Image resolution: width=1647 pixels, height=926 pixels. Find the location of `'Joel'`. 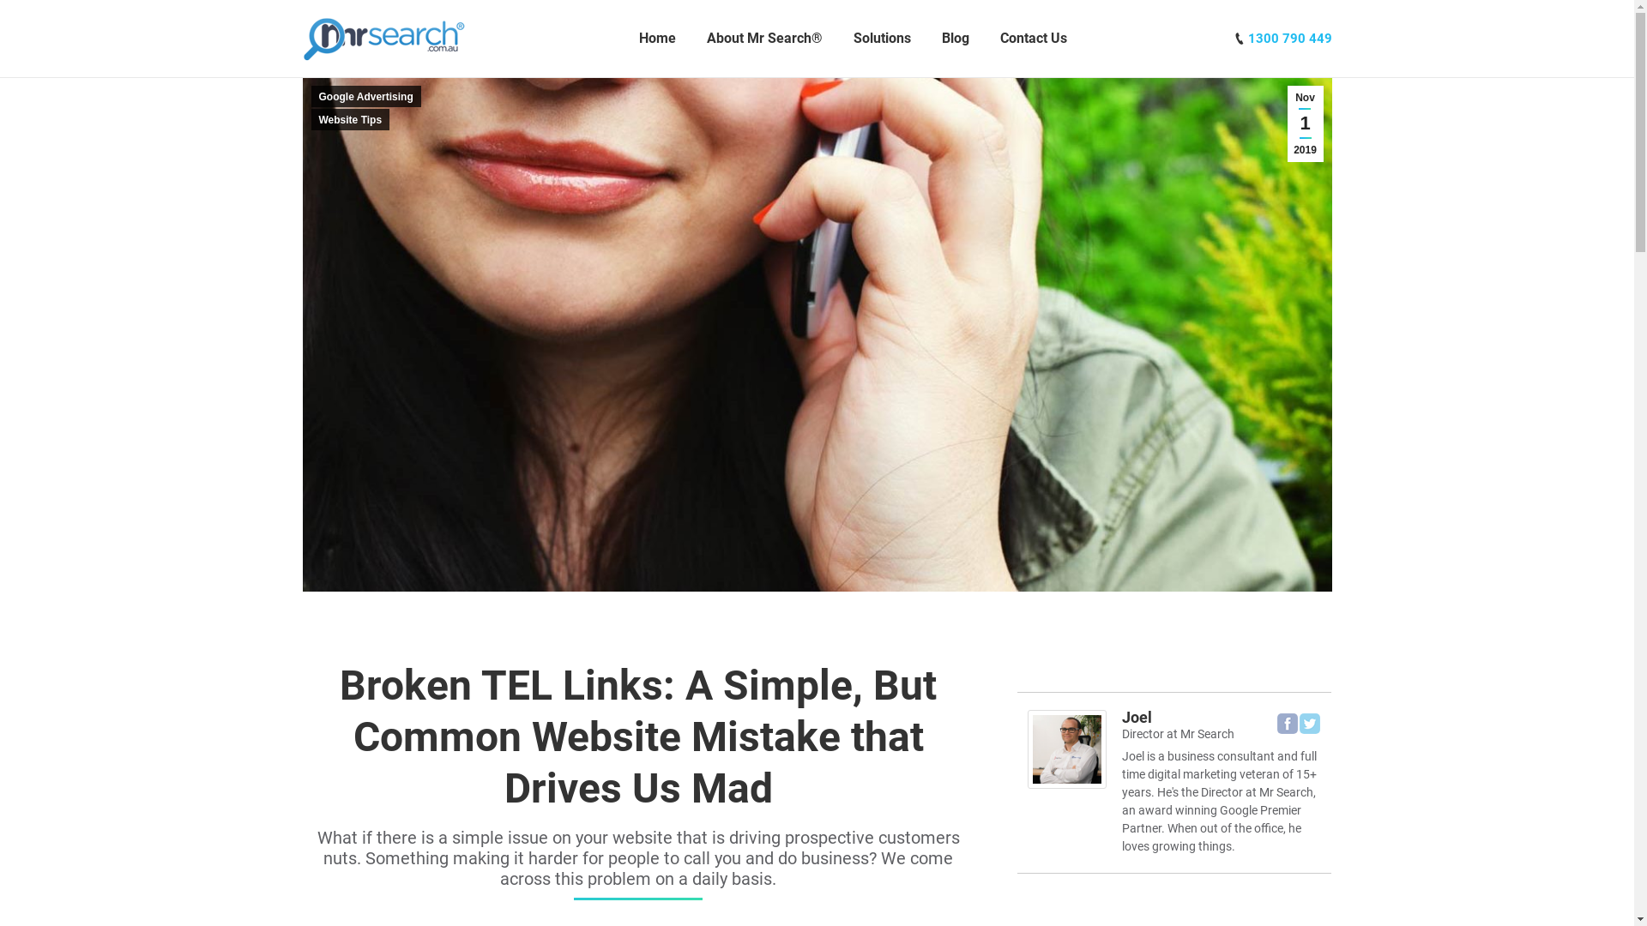

'Joel' is located at coordinates (1122, 717).